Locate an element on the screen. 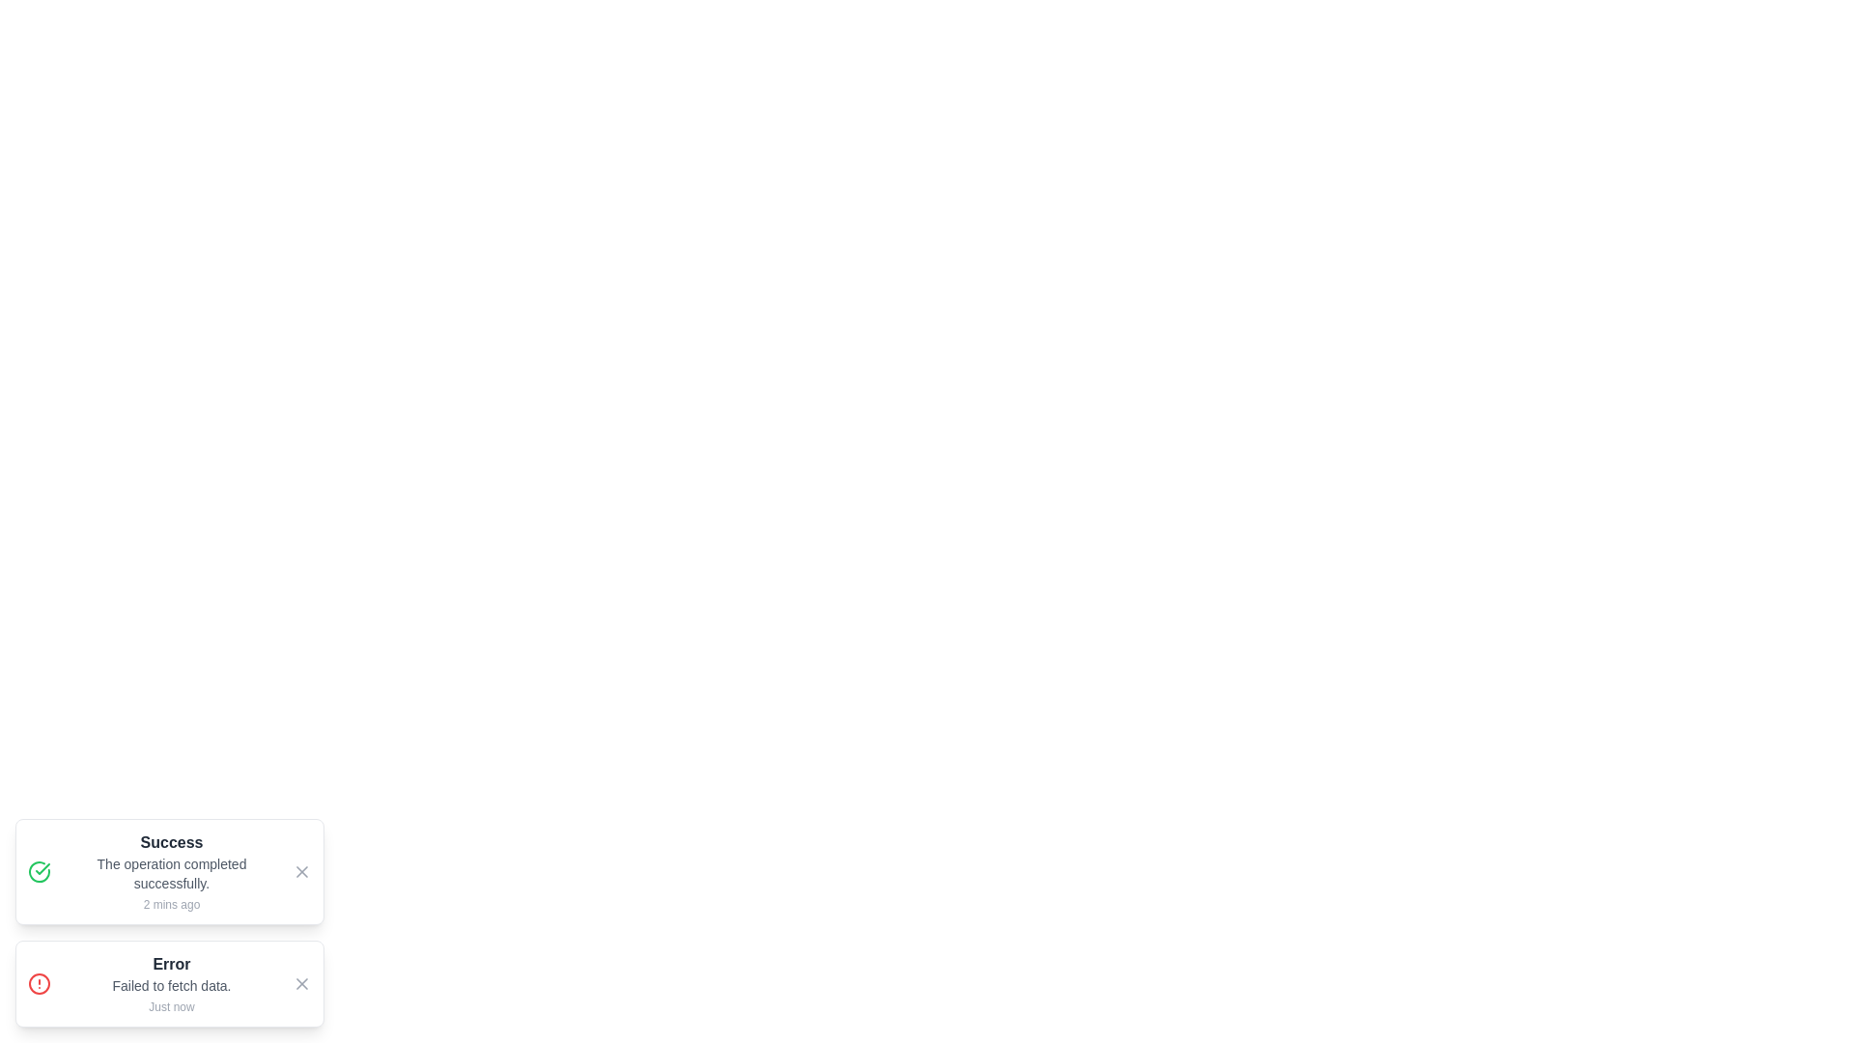 The height and width of the screenshot is (1043, 1854). the close button represented by an 'X' icon in the top-right corner of the success notification is located at coordinates (300, 871).